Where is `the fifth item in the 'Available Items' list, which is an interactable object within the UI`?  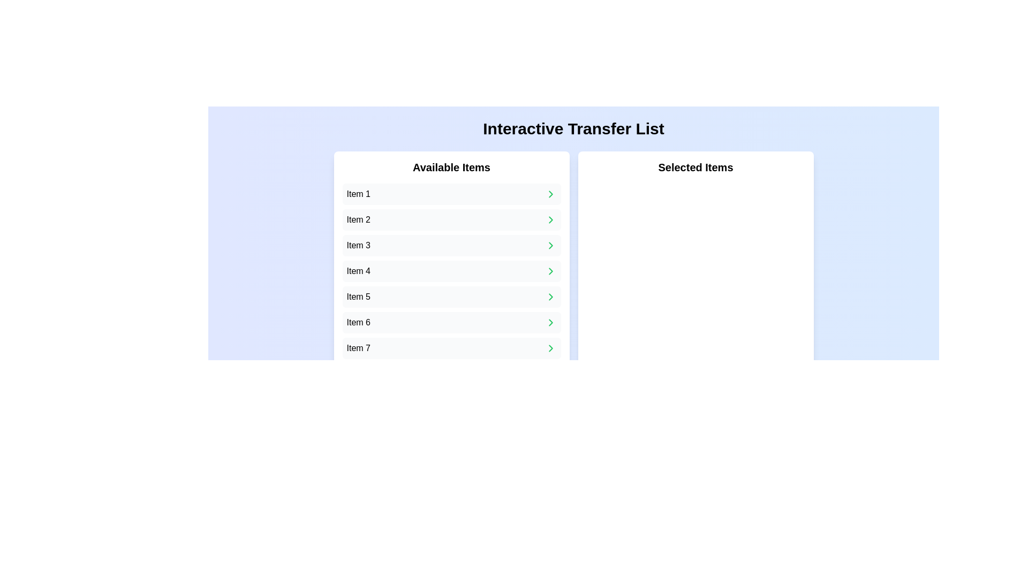 the fifth item in the 'Available Items' list, which is an interactable object within the UI is located at coordinates (451, 297).